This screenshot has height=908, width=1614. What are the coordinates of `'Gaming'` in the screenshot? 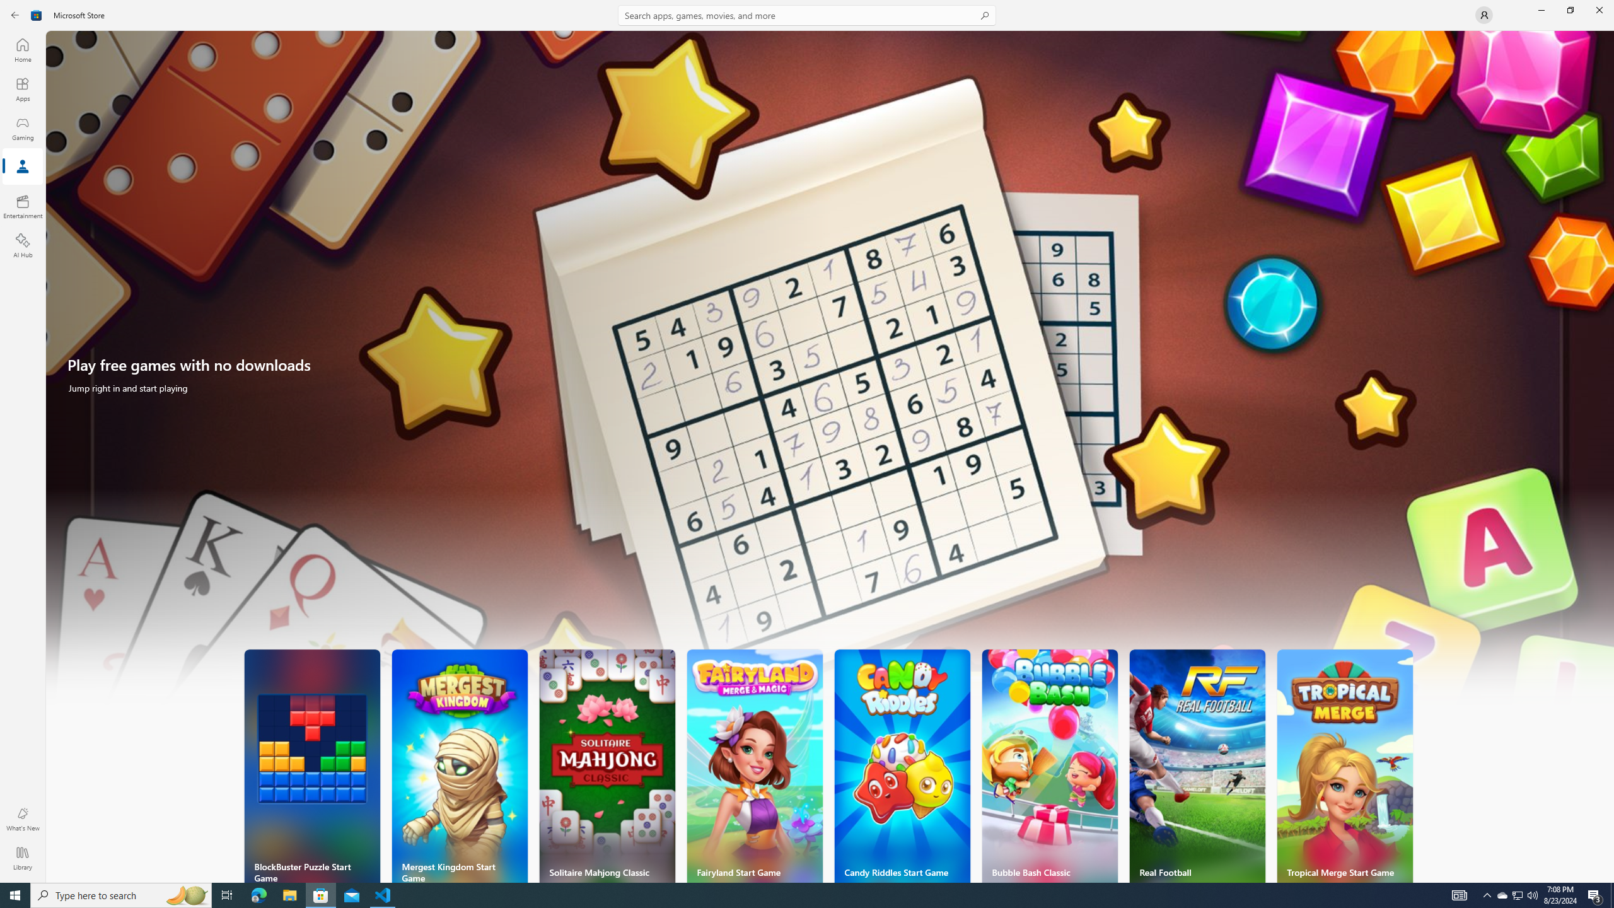 It's located at (21, 127).